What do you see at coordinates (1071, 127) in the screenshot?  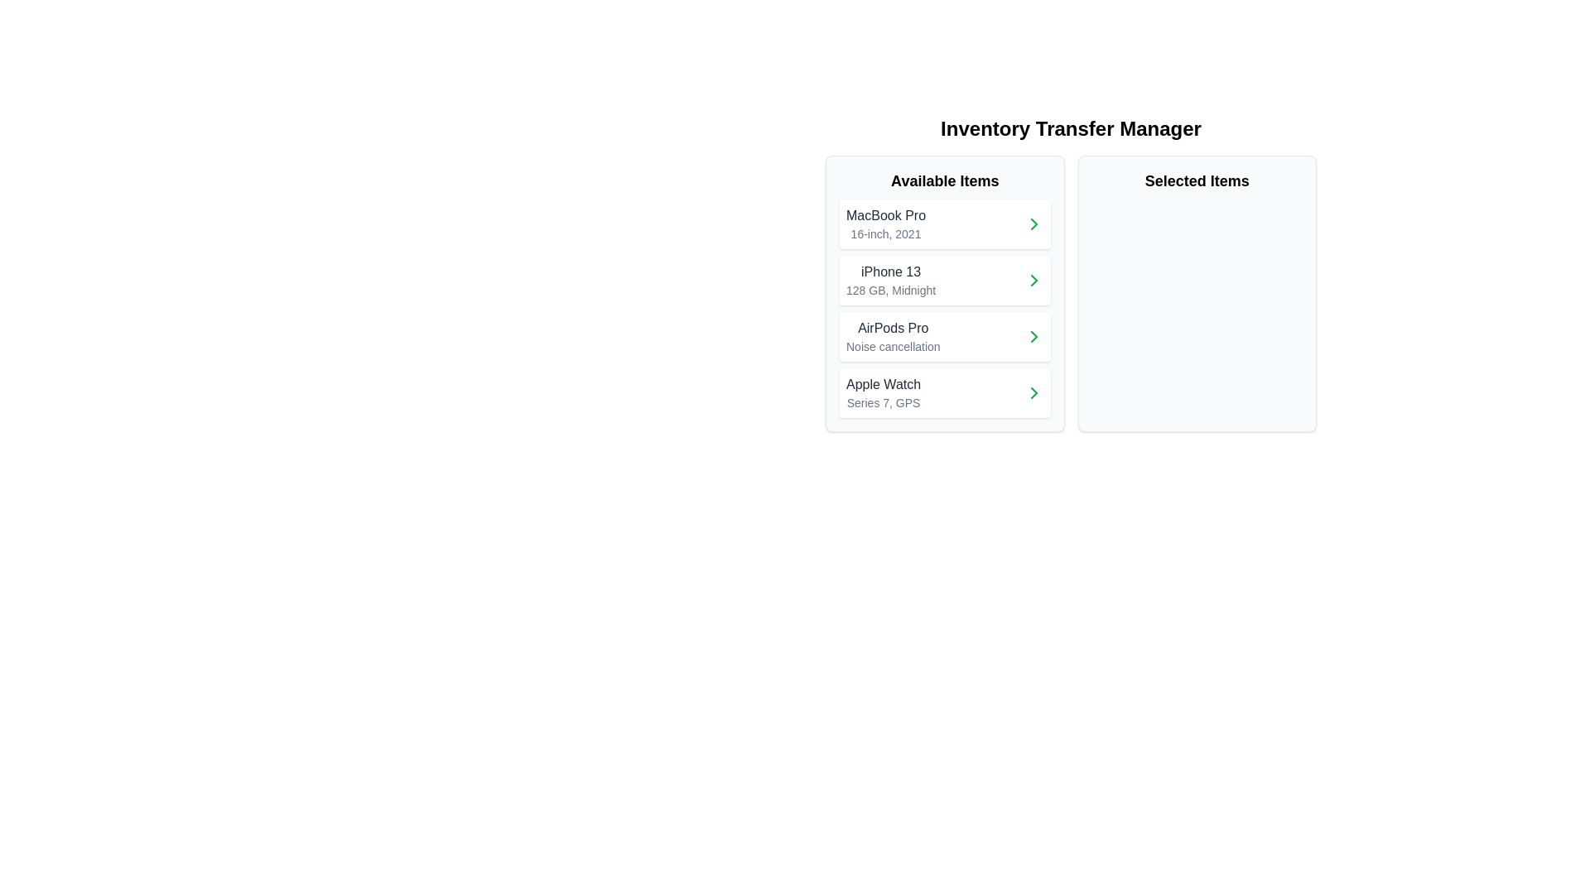 I see `the Text header that indicates the purpose of managing inventory transfers, positioned above the 'Available Items' and 'Selected Items' sections` at bounding box center [1071, 127].